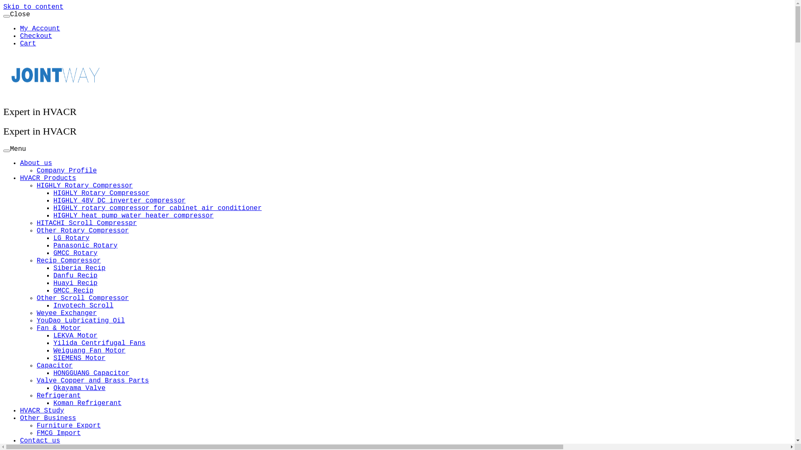 Image resolution: width=801 pixels, height=450 pixels. What do you see at coordinates (6, 16) in the screenshot?
I see `'Close'` at bounding box center [6, 16].